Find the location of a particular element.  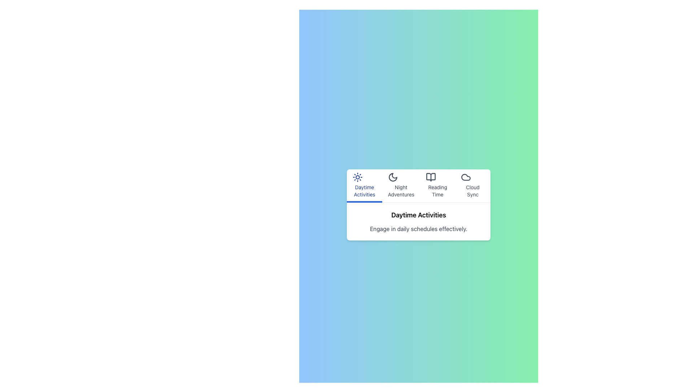

the text label displaying 'Daytime Activities', which is a bold header positioned in the center of the interface within a card-like component is located at coordinates (419, 214).